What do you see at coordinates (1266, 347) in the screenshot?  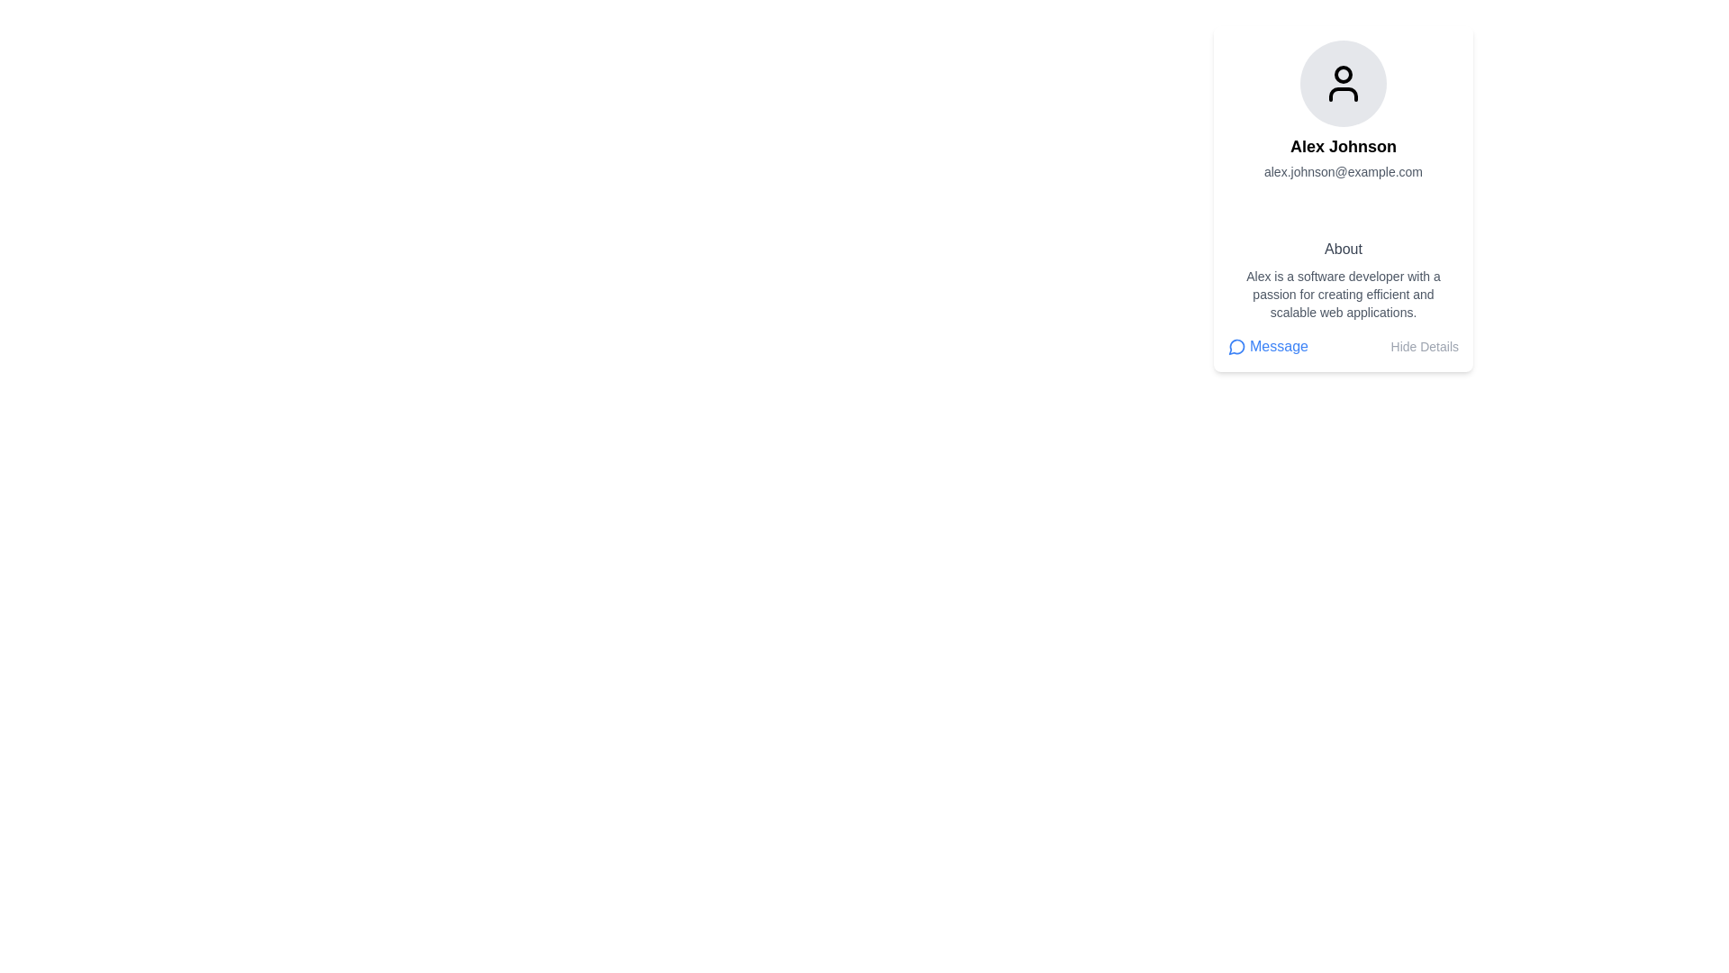 I see `the clickable text with an adjacent icon within the 'MessageHide Details' segment at the bottom of the user profile card to possibly open a context menu` at bounding box center [1266, 347].